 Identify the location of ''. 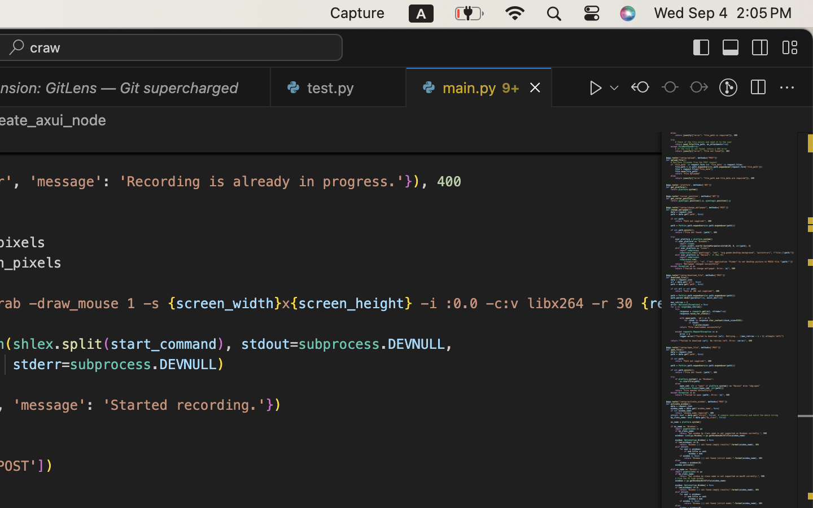
(757, 87).